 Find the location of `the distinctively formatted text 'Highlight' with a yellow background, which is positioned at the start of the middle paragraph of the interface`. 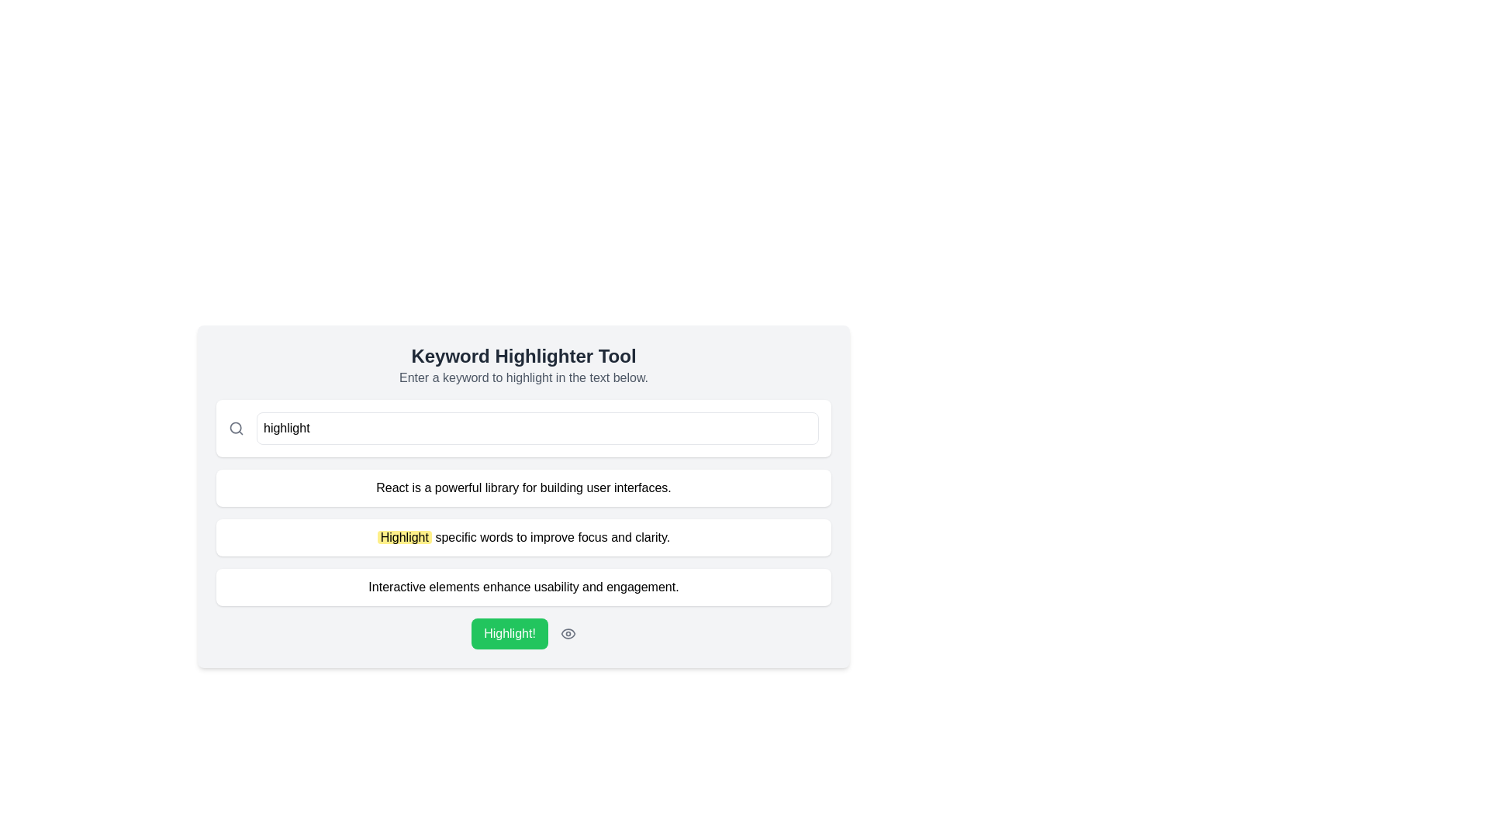

the distinctively formatted text 'Highlight' with a yellow background, which is positioned at the start of the middle paragraph of the interface is located at coordinates (404, 536).